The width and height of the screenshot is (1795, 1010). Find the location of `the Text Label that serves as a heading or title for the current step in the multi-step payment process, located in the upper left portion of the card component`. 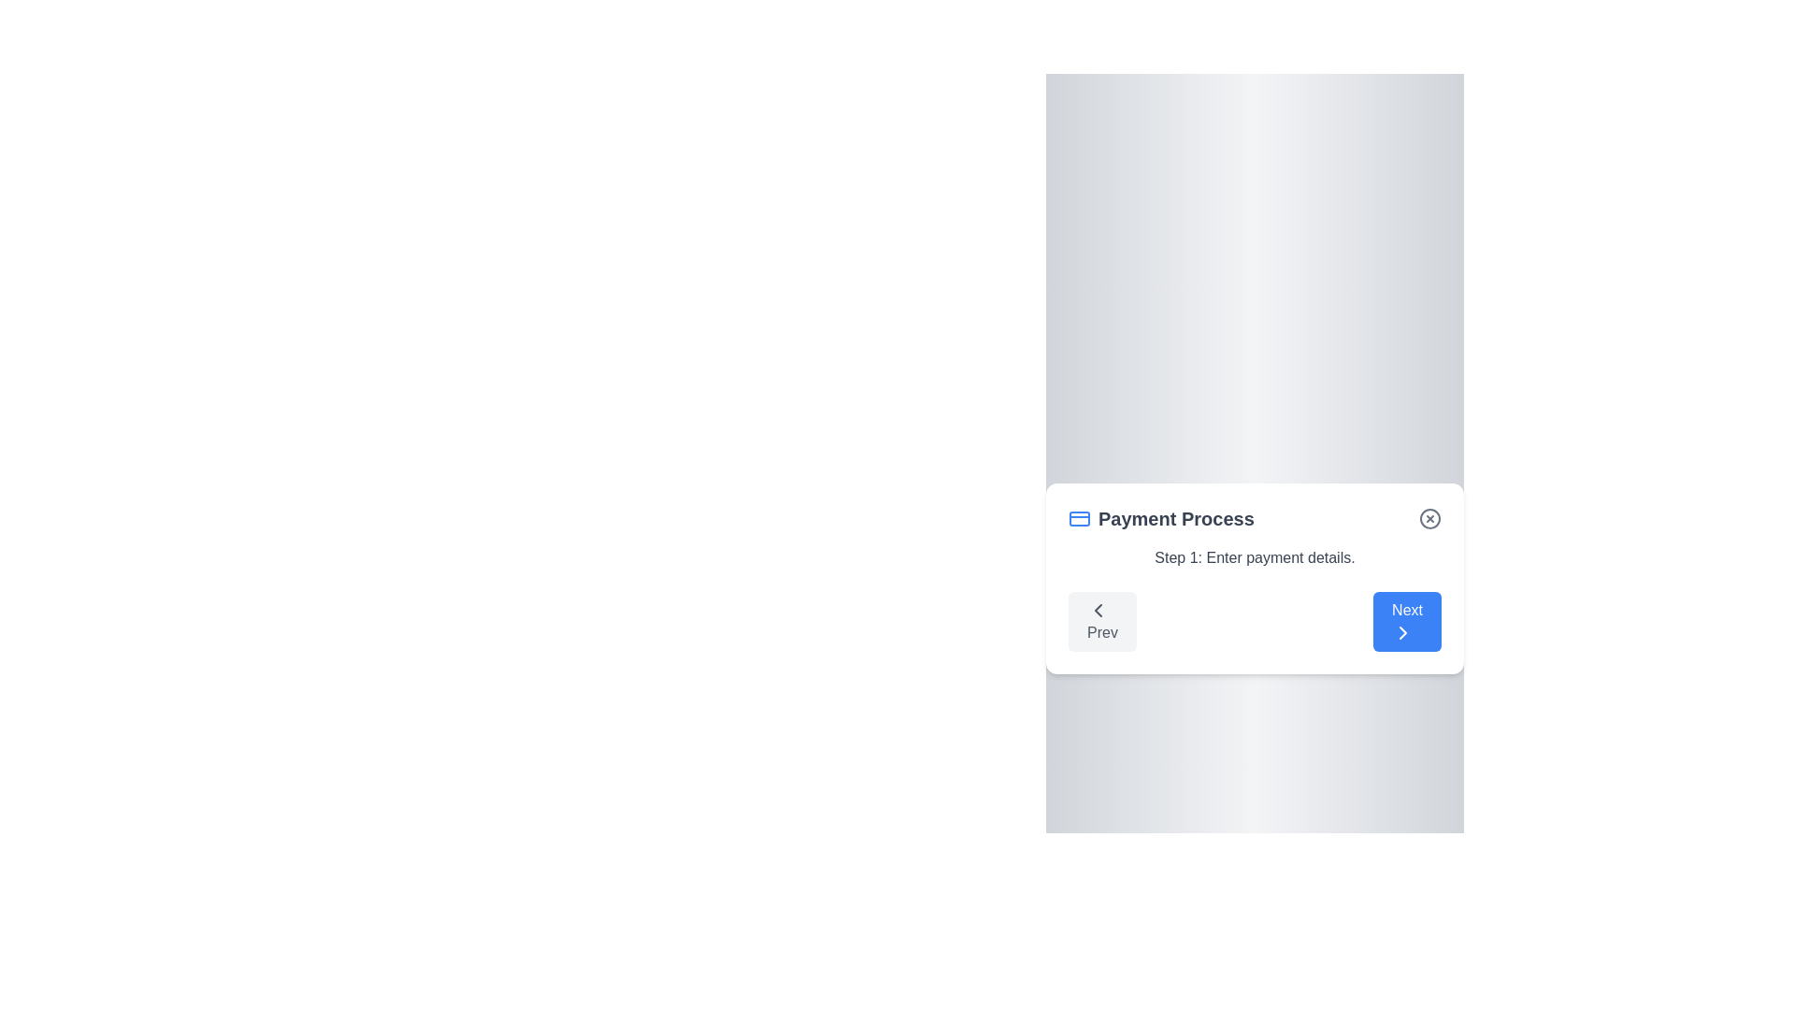

the Text Label that serves as a heading or title for the current step in the multi-step payment process, located in the upper left portion of the card component is located at coordinates (1160, 519).